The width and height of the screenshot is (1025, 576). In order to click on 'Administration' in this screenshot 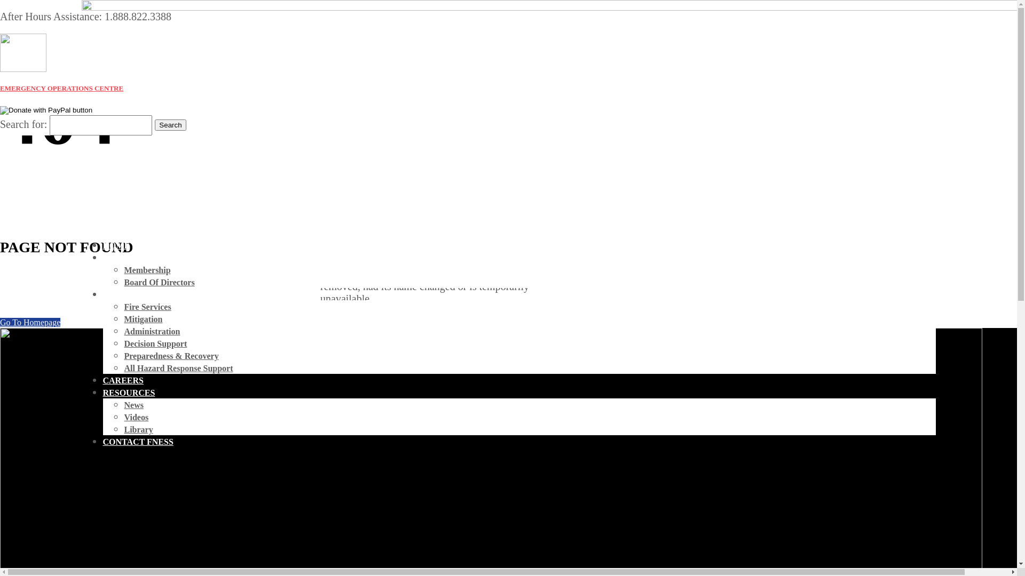, I will do `click(151, 331)`.